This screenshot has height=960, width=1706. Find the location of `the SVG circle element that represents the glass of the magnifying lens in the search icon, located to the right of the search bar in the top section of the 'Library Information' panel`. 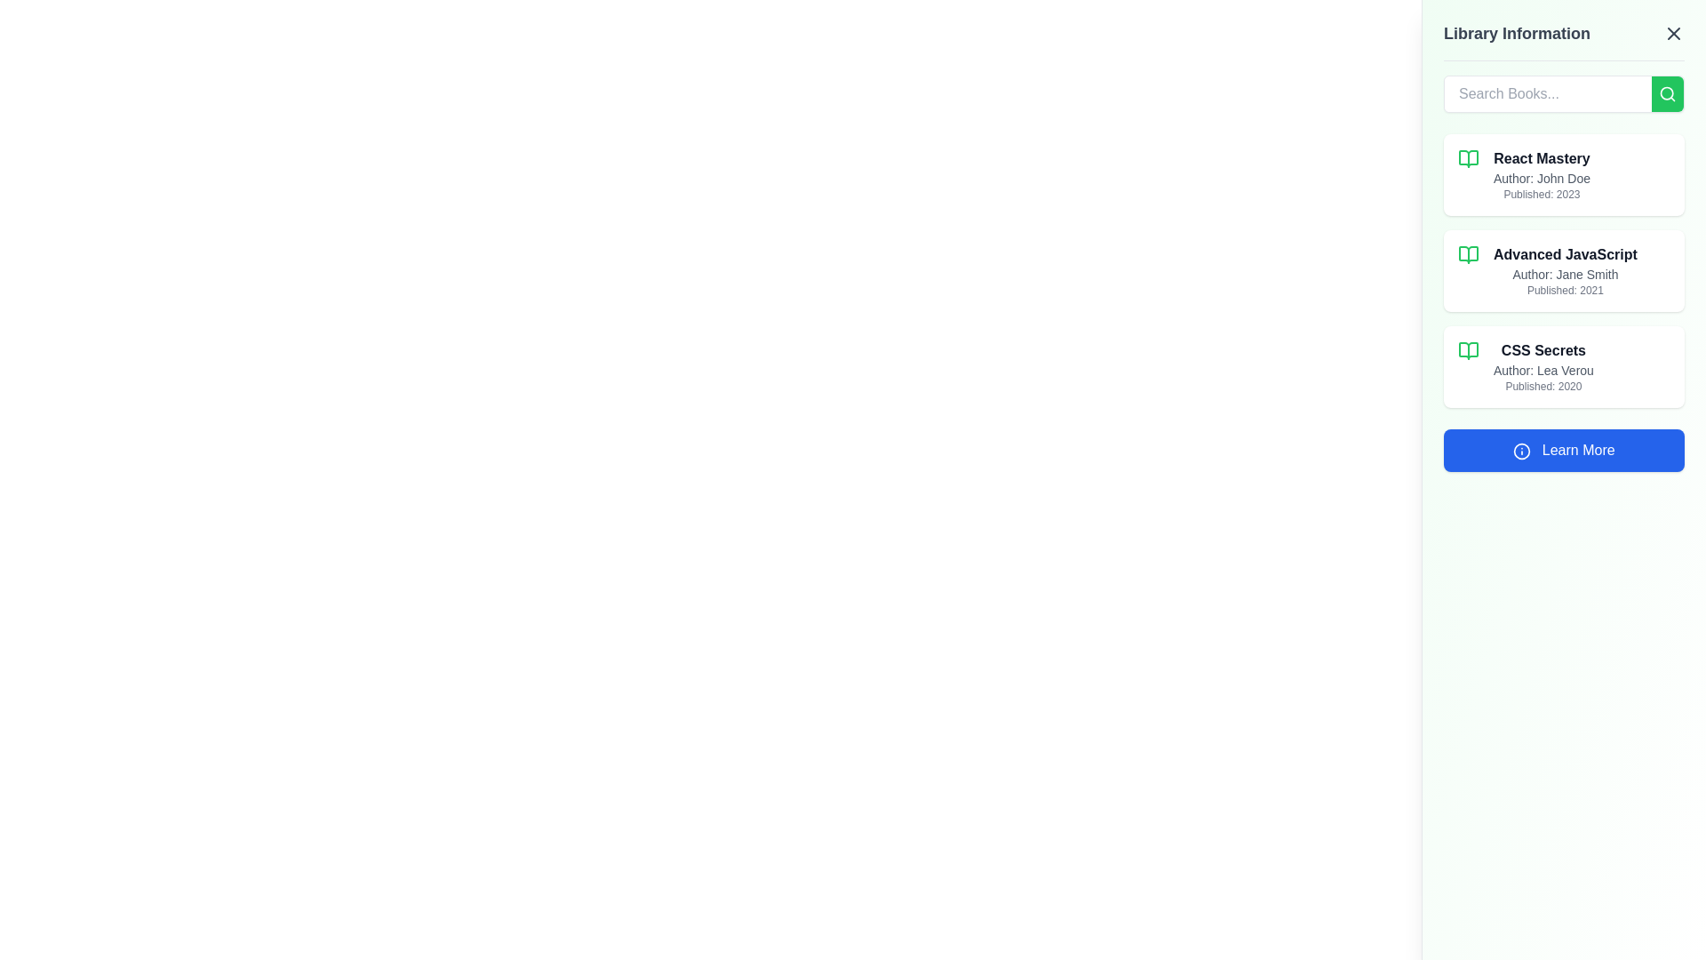

the SVG circle element that represents the glass of the magnifying lens in the search icon, located to the right of the search bar in the top section of the 'Library Information' panel is located at coordinates (1666, 93).